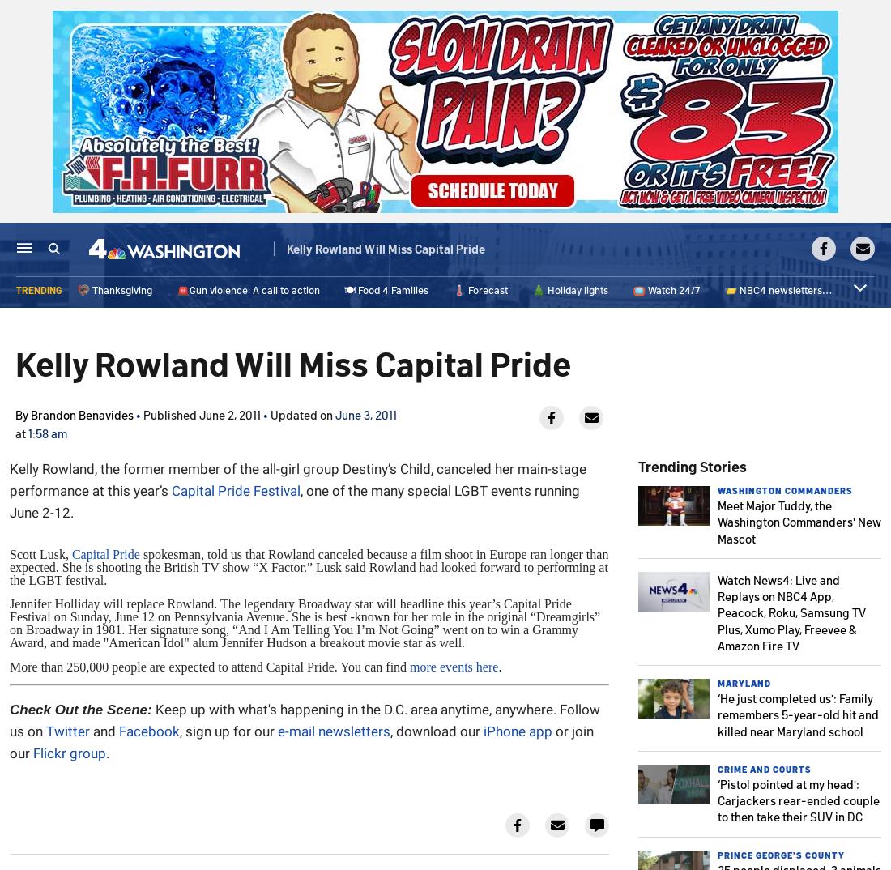 The height and width of the screenshot is (870, 891). Describe the element at coordinates (303, 414) in the screenshot. I see `'Updated on'` at that location.